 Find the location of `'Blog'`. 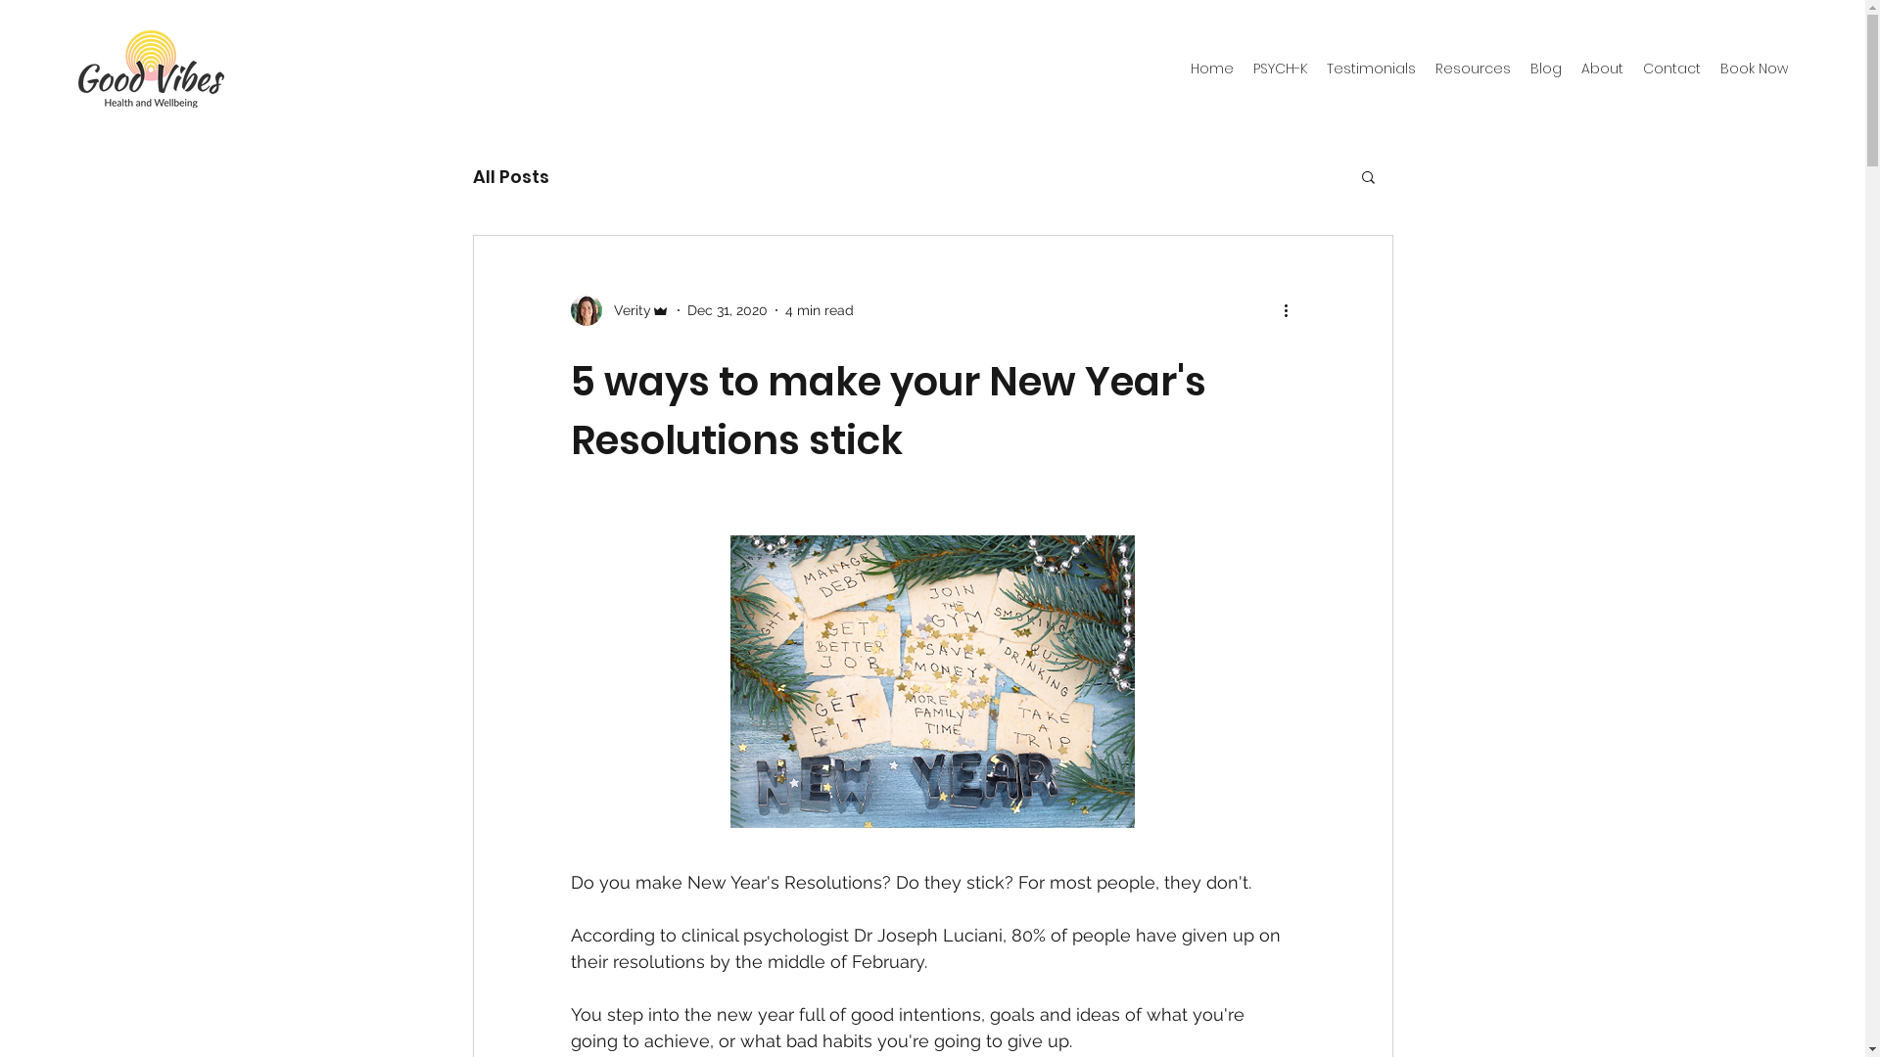

'Blog' is located at coordinates (1520, 68).